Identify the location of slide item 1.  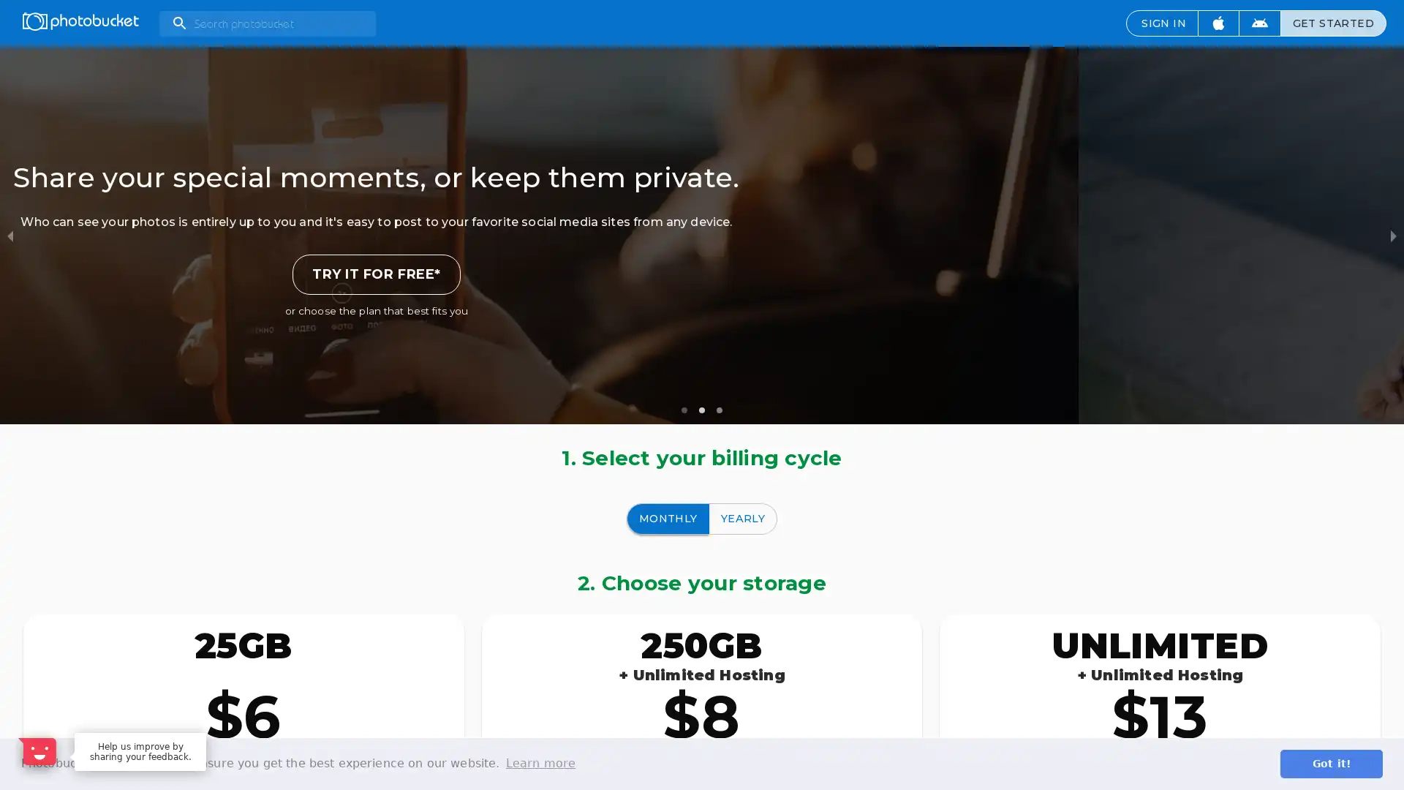
(684, 409).